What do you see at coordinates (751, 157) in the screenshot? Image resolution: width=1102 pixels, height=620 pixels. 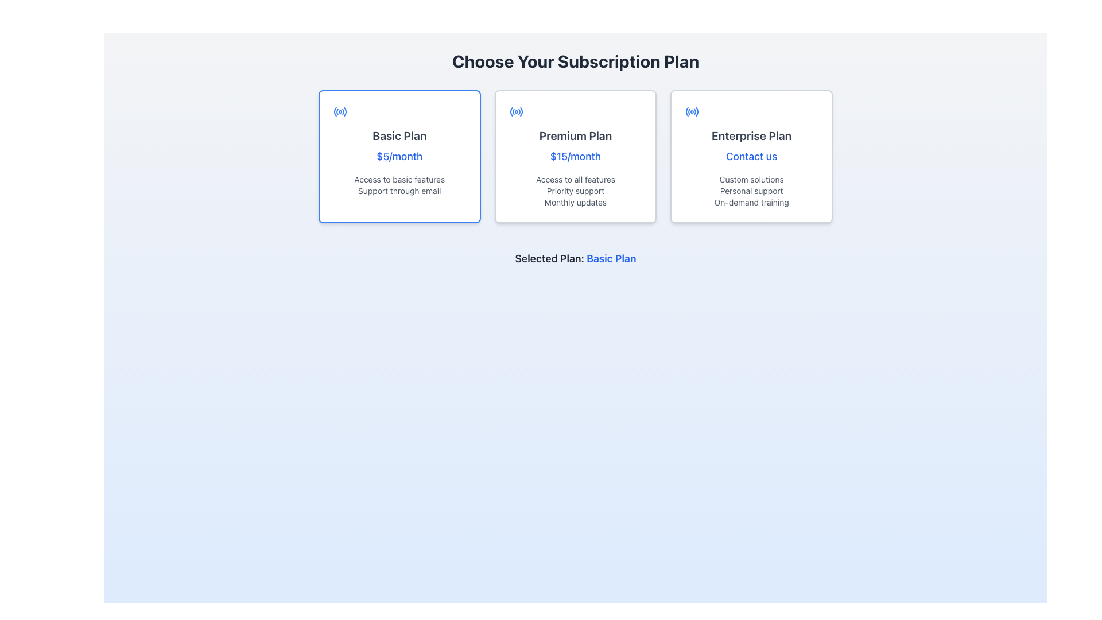 I see `the blue clickable link labeled 'Contact us' located within the 'Enterprise Plan' card, which is the third card in a row of three cards` at bounding box center [751, 157].